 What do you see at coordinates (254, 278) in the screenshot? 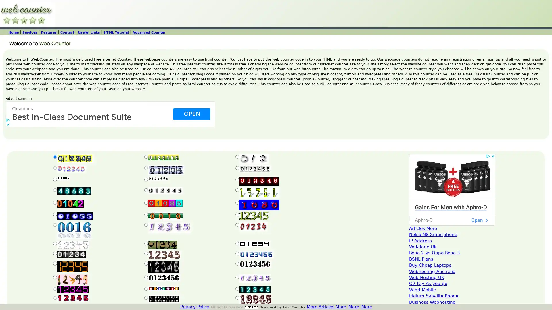
I see `Submit` at bounding box center [254, 278].